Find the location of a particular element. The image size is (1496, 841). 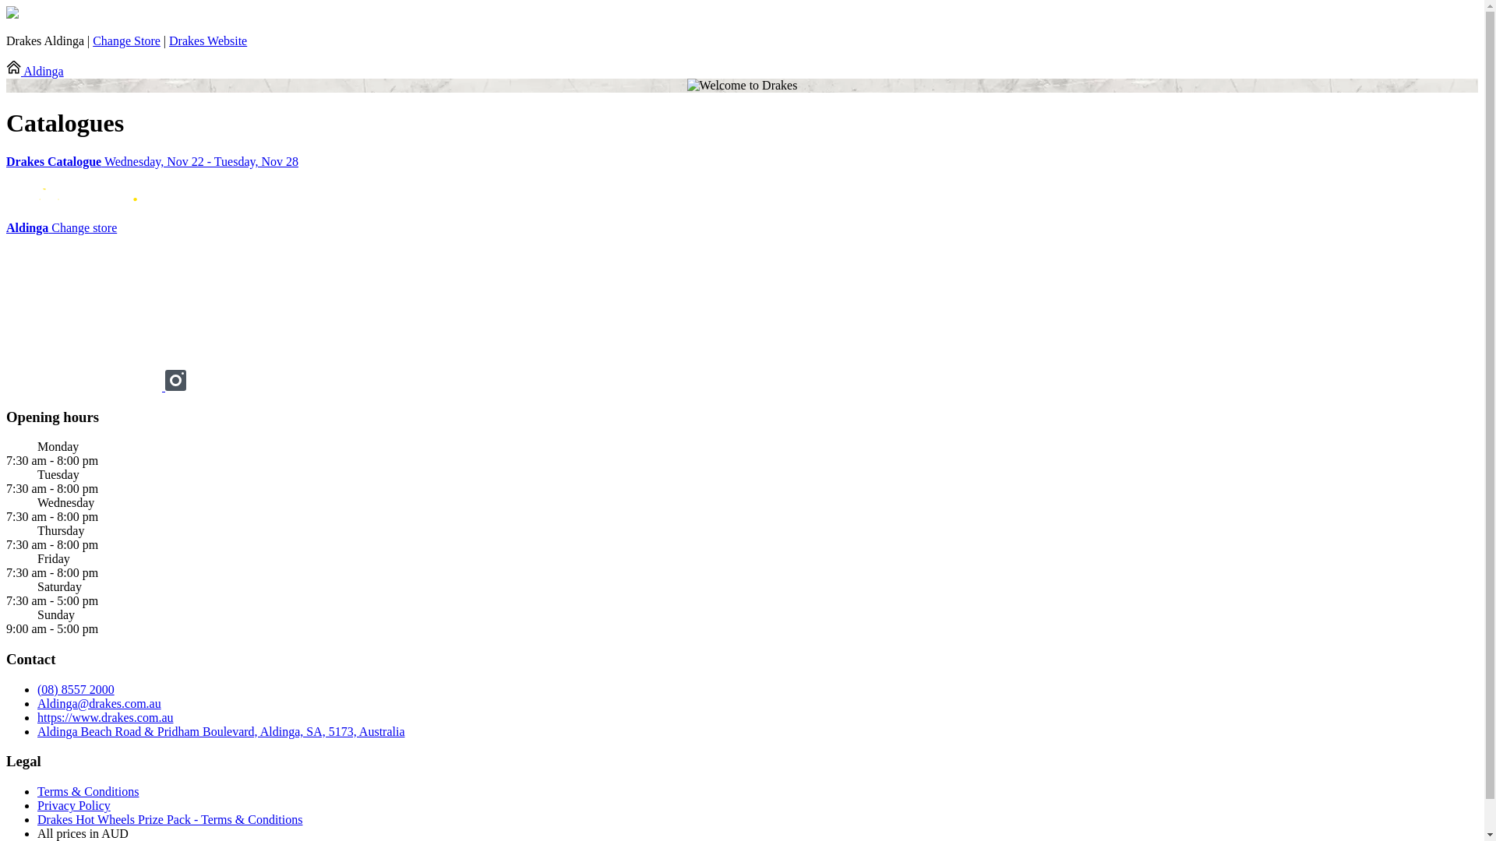

'Instagram drakessupermarkets' is located at coordinates (175, 385).